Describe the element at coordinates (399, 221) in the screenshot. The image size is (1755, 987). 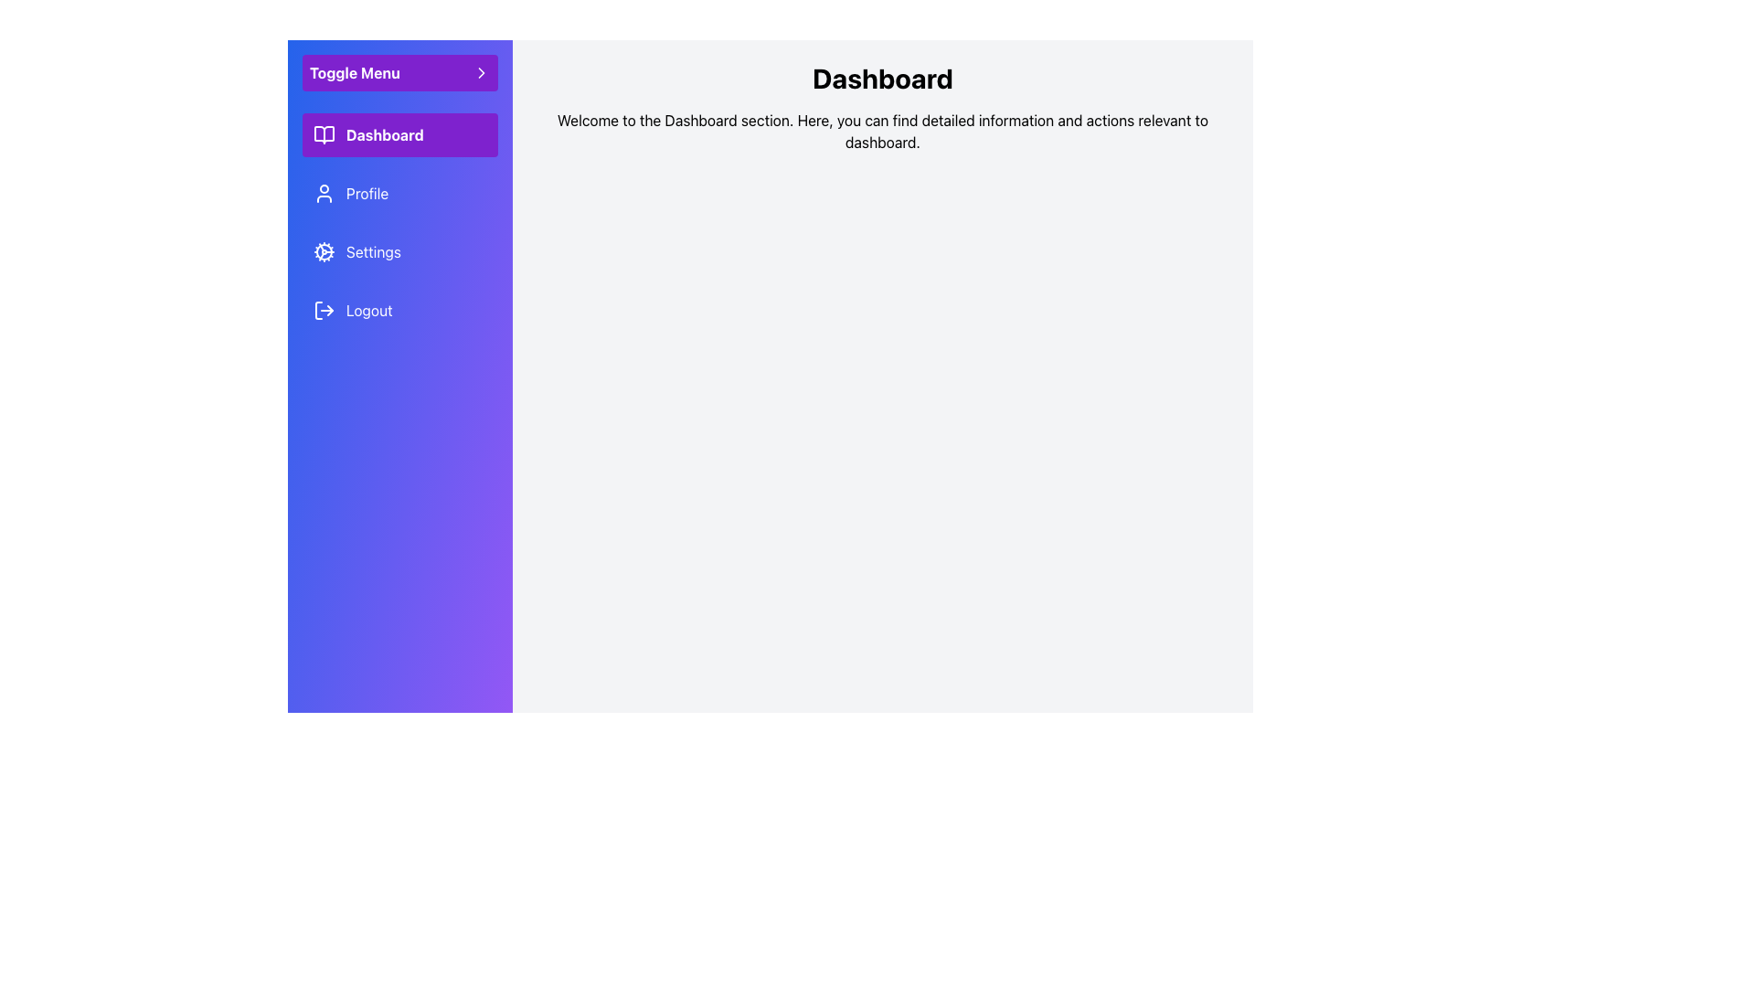
I see `the vertically aligned Navigation Menu containing sections like 'Dashboard,' 'Profile,' 'Settings,' and 'Logout' with a blue to purple gradient background` at that location.